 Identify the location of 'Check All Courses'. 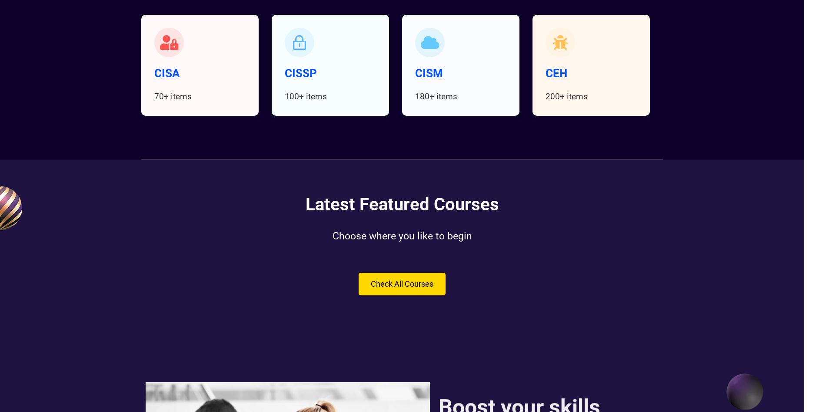
(402, 284).